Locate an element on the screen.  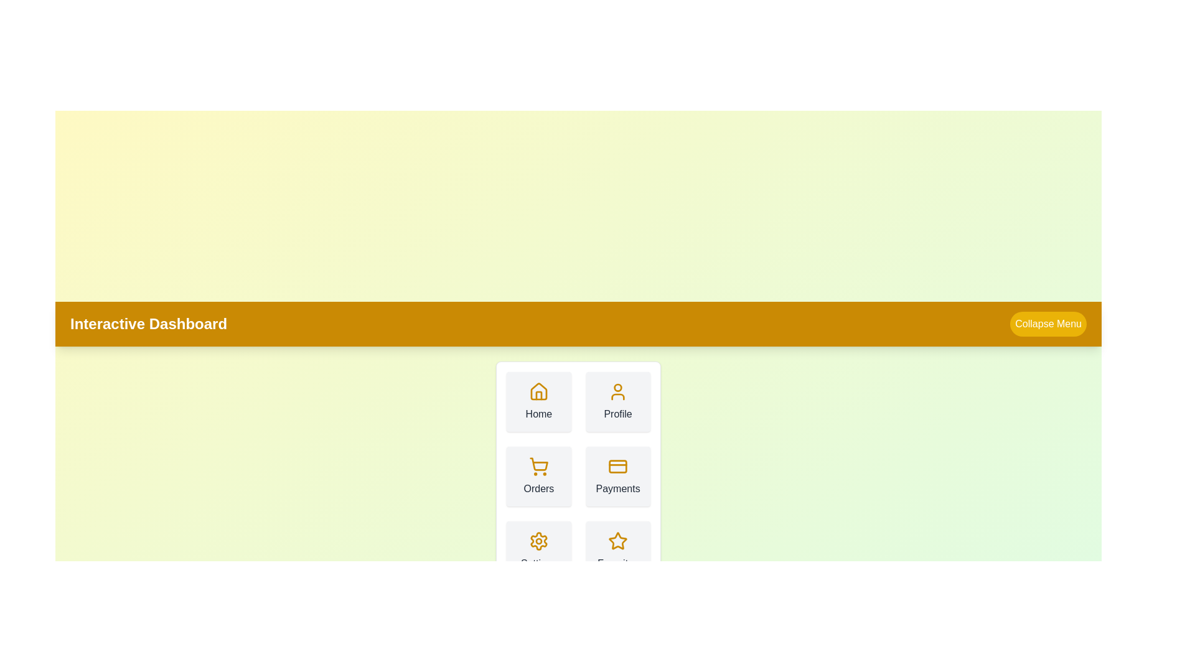
the 'Settings' button in the menu is located at coordinates (538, 551).